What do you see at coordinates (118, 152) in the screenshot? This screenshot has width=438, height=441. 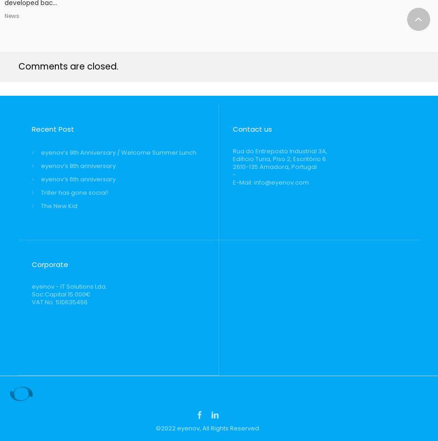 I see `'eyenov’s 9th Anniversary / Welcome Summer Lunch'` at bounding box center [118, 152].